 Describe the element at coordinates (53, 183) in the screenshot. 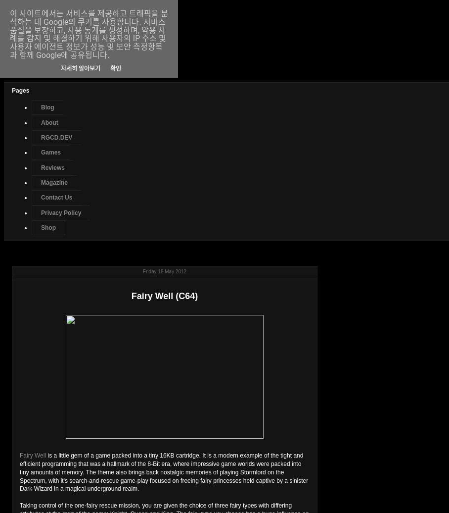

I see `'Magazine'` at that location.